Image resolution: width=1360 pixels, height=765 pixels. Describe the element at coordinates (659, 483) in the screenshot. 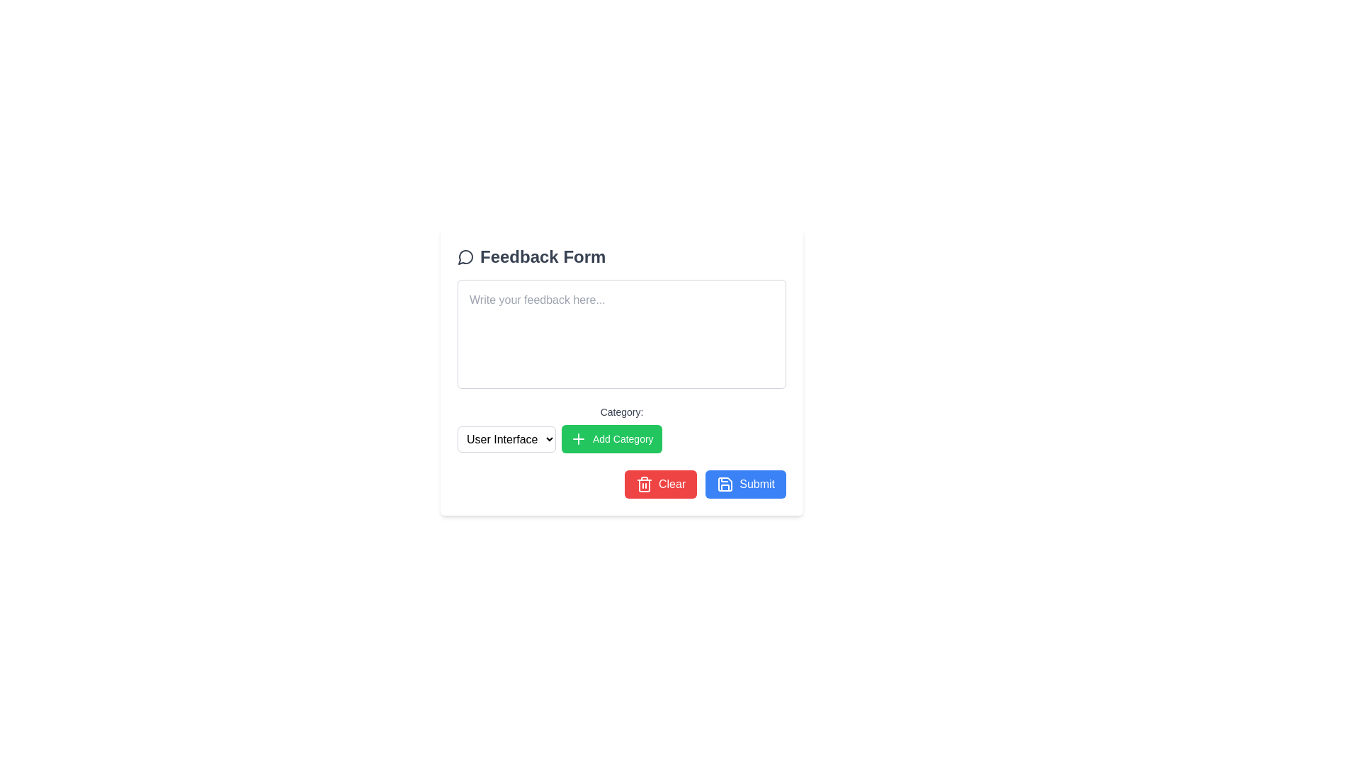

I see `the first button from the left in the group of buttons at the bottom of the feedback form to clear all information entered in the form` at that location.